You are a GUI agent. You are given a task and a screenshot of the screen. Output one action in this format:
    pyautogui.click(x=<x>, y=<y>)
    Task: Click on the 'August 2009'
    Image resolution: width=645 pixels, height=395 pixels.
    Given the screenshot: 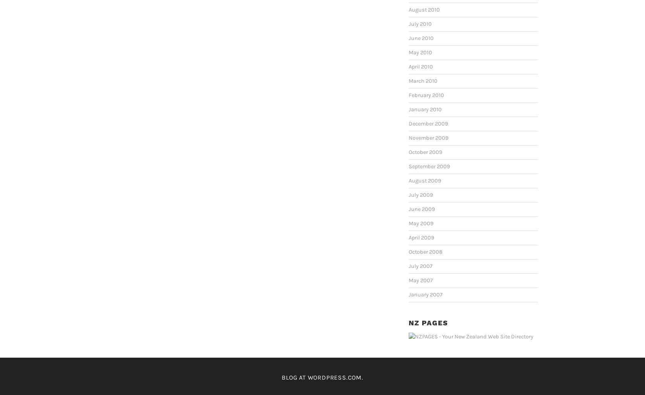 What is the action you would take?
    pyautogui.click(x=424, y=180)
    